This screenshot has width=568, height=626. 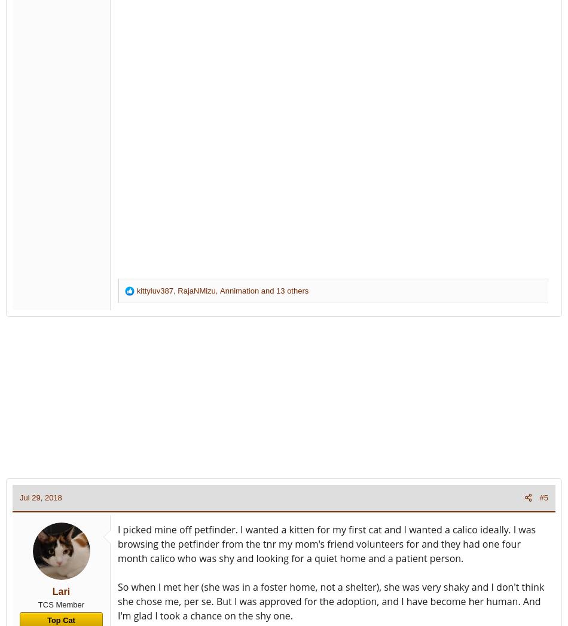 What do you see at coordinates (154, 289) in the screenshot?
I see `'kittyluv387'` at bounding box center [154, 289].